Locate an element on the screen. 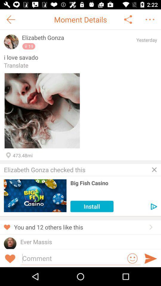  advertisement details is located at coordinates (154, 206).